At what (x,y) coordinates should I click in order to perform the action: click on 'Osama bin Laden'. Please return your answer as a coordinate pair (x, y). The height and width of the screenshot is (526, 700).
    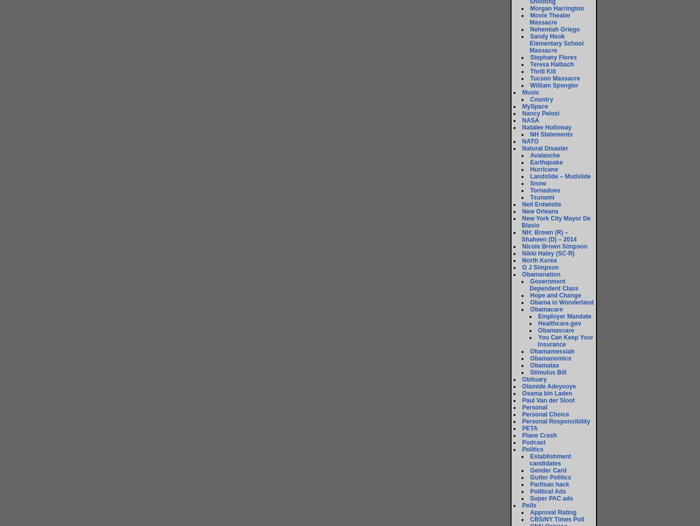
    Looking at the image, I should click on (546, 393).